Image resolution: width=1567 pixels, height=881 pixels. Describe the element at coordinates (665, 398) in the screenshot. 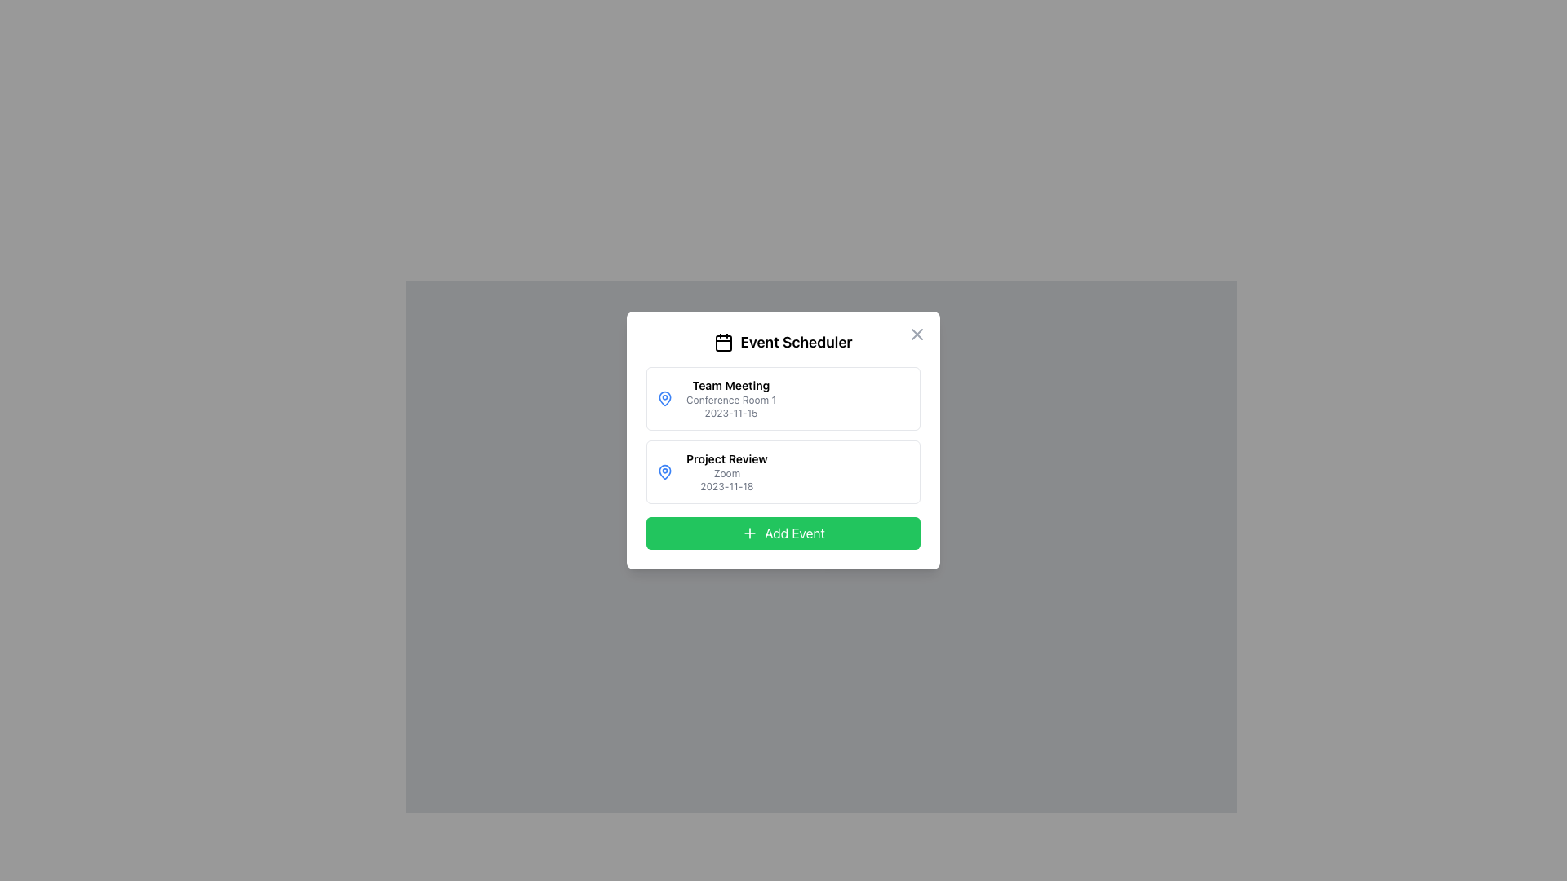

I see `the location pin icon styled with a blue outline that is positioned to the left of the text 'Project Review', part of the second event item in the 'Event Scheduler' list` at that location.